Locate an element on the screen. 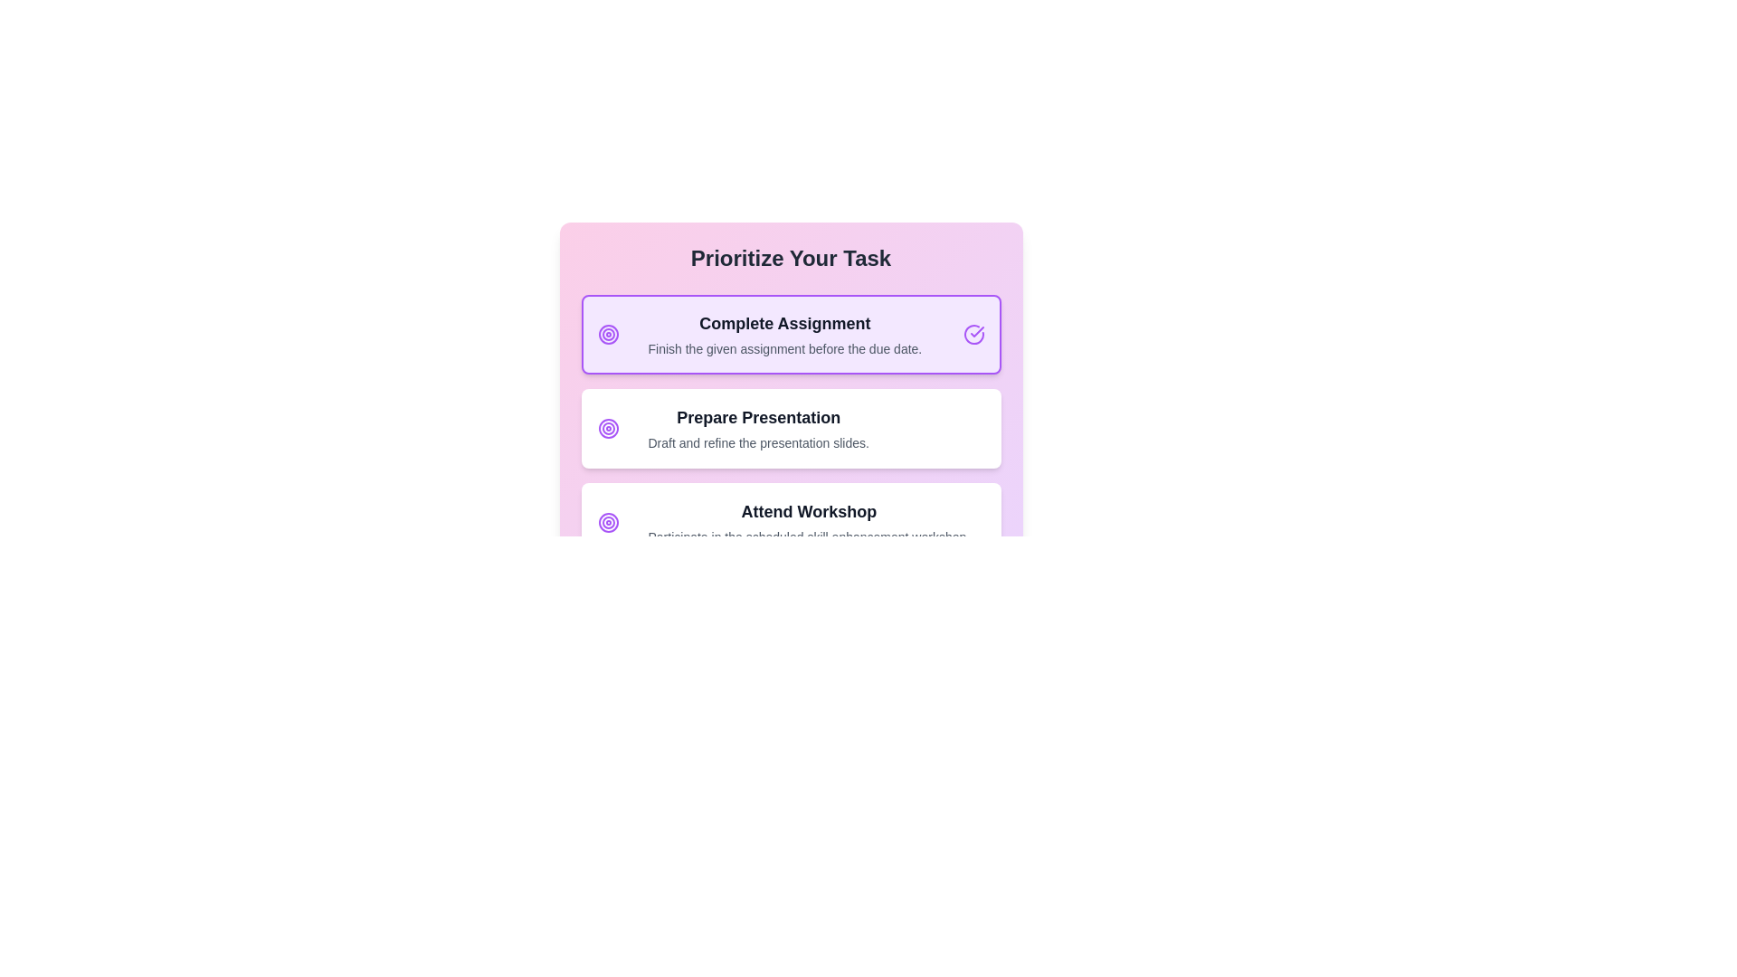 The image size is (1737, 977). the icon in the upper-right corner of the 'Complete Assignment' card is located at coordinates (976, 331).